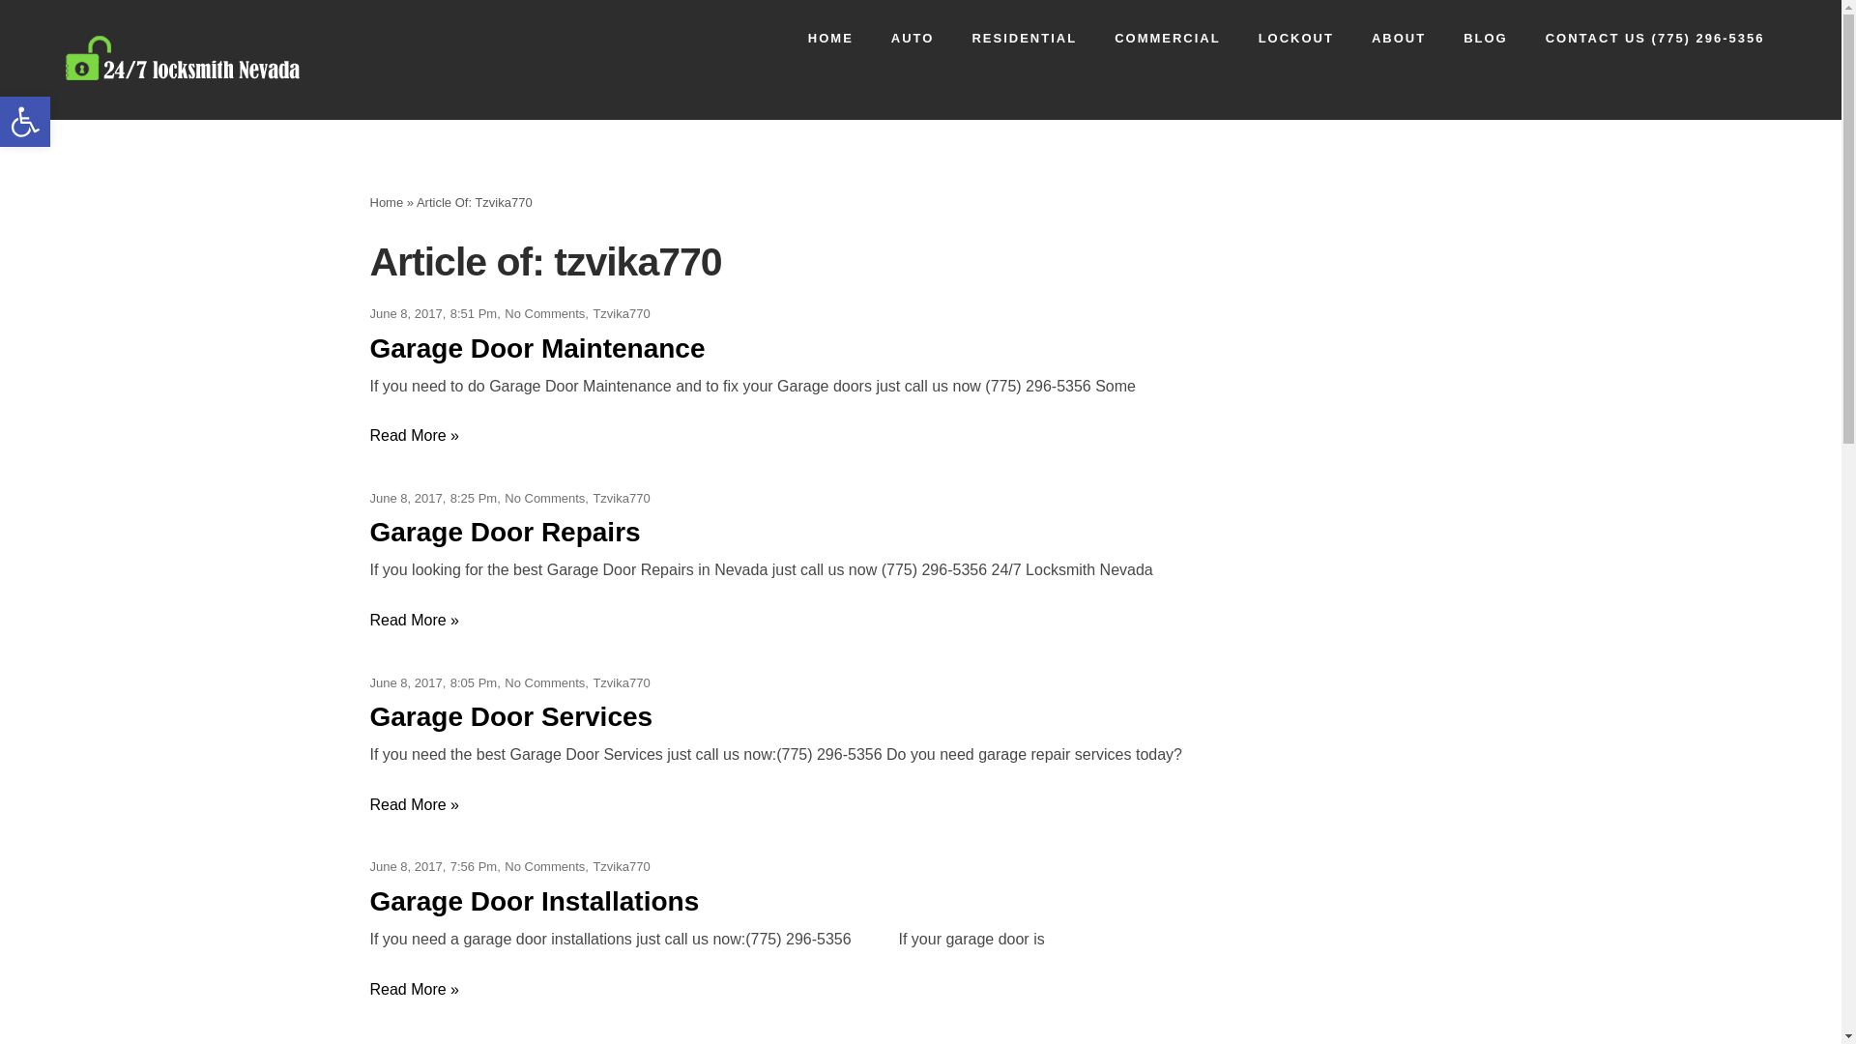 This screenshot has width=1856, height=1044. What do you see at coordinates (830, 38) in the screenshot?
I see `'HOME'` at bounding box center [830, 38].